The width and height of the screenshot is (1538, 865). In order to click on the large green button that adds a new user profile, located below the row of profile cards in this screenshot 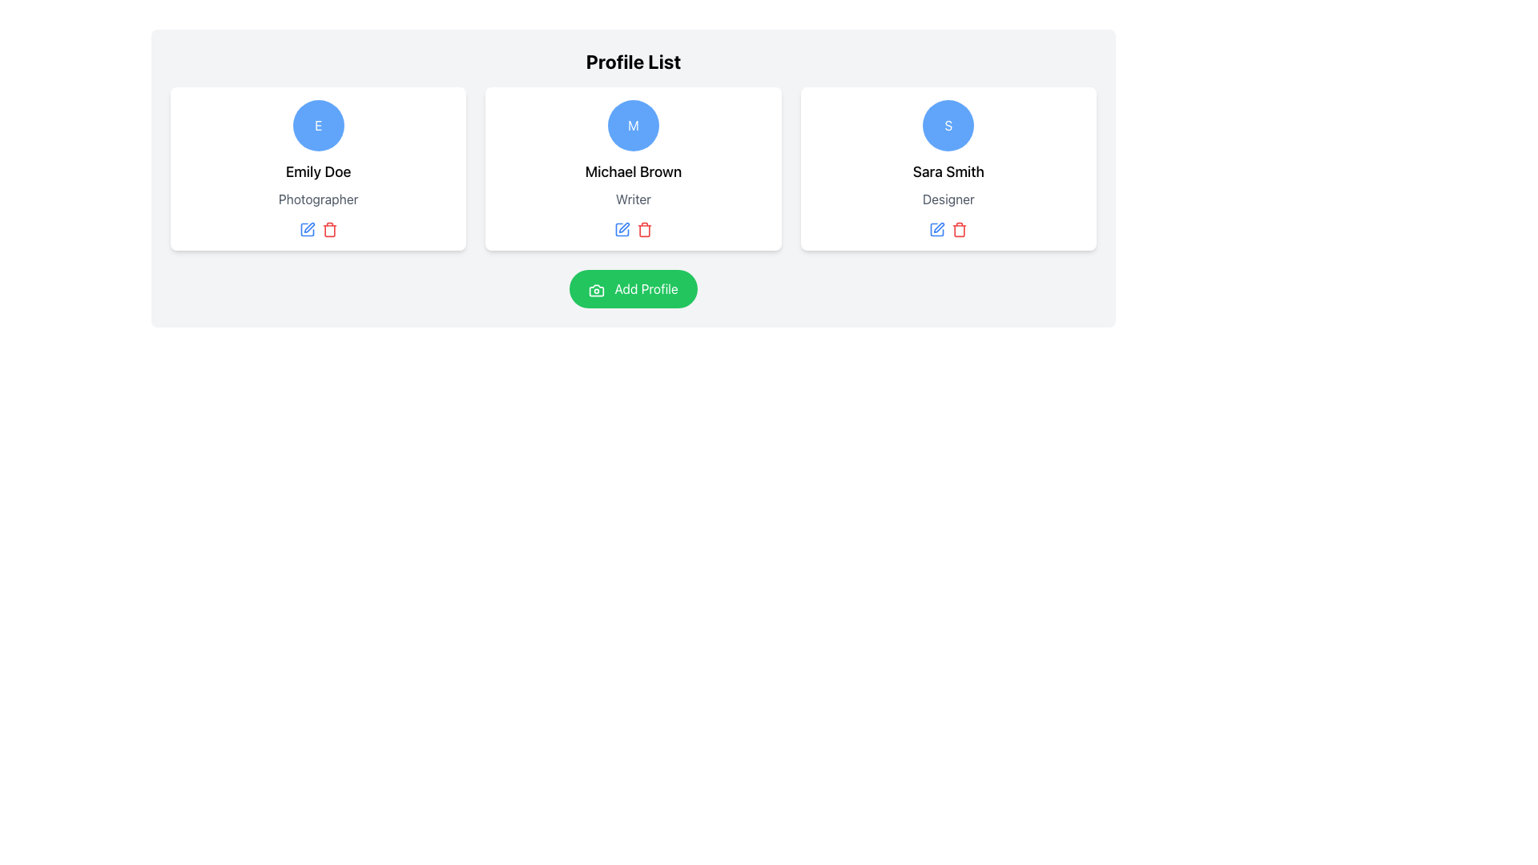, I will do `click(633, 289)`.